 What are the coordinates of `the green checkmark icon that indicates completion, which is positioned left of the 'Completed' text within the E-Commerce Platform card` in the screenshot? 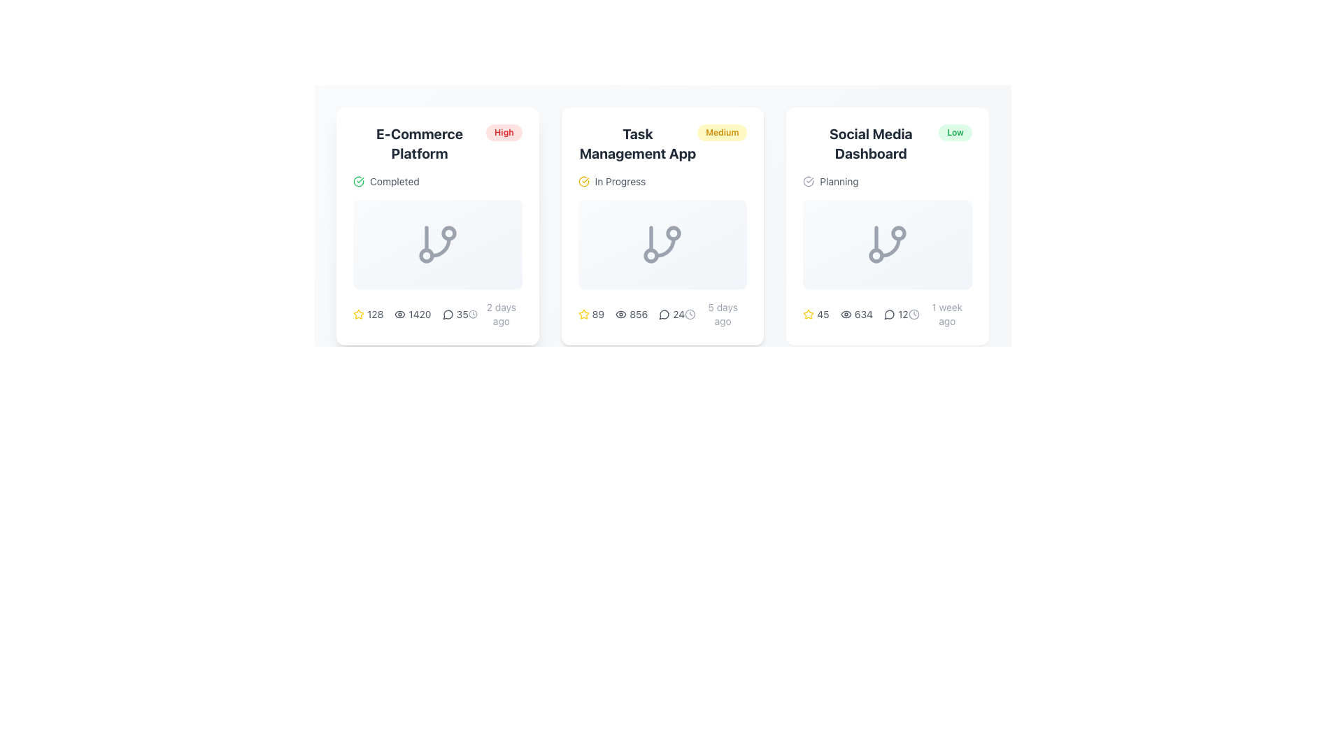 It's located at (359, 180).